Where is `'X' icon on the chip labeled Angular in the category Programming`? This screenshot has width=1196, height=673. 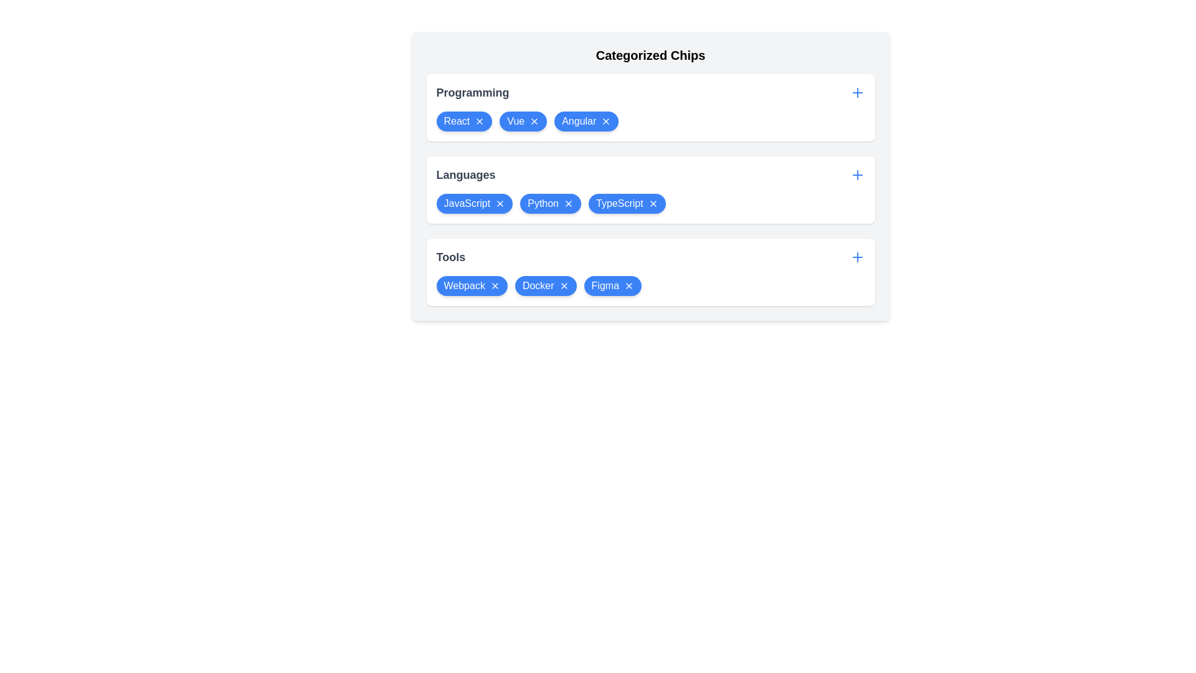
'X' icon on the chip labeled Angular in the category Programming is located at coordinates (606, 122).